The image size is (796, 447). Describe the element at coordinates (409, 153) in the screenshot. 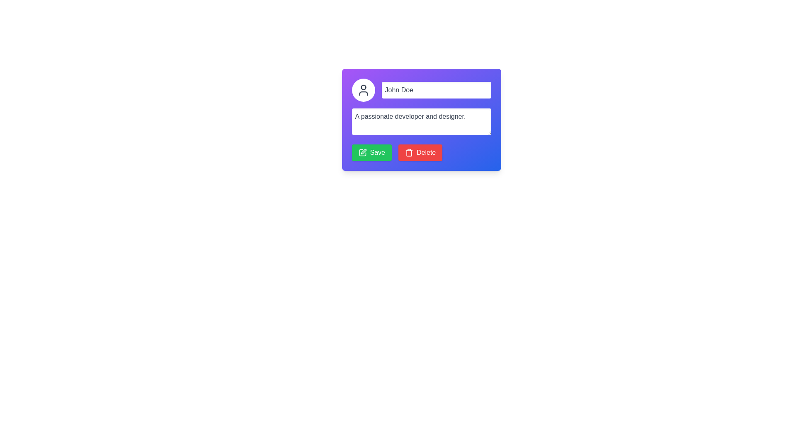

I see `the 'Delete' button icon, which visually represents the action 'Delete' and is located to the left of its textual label` at that location.